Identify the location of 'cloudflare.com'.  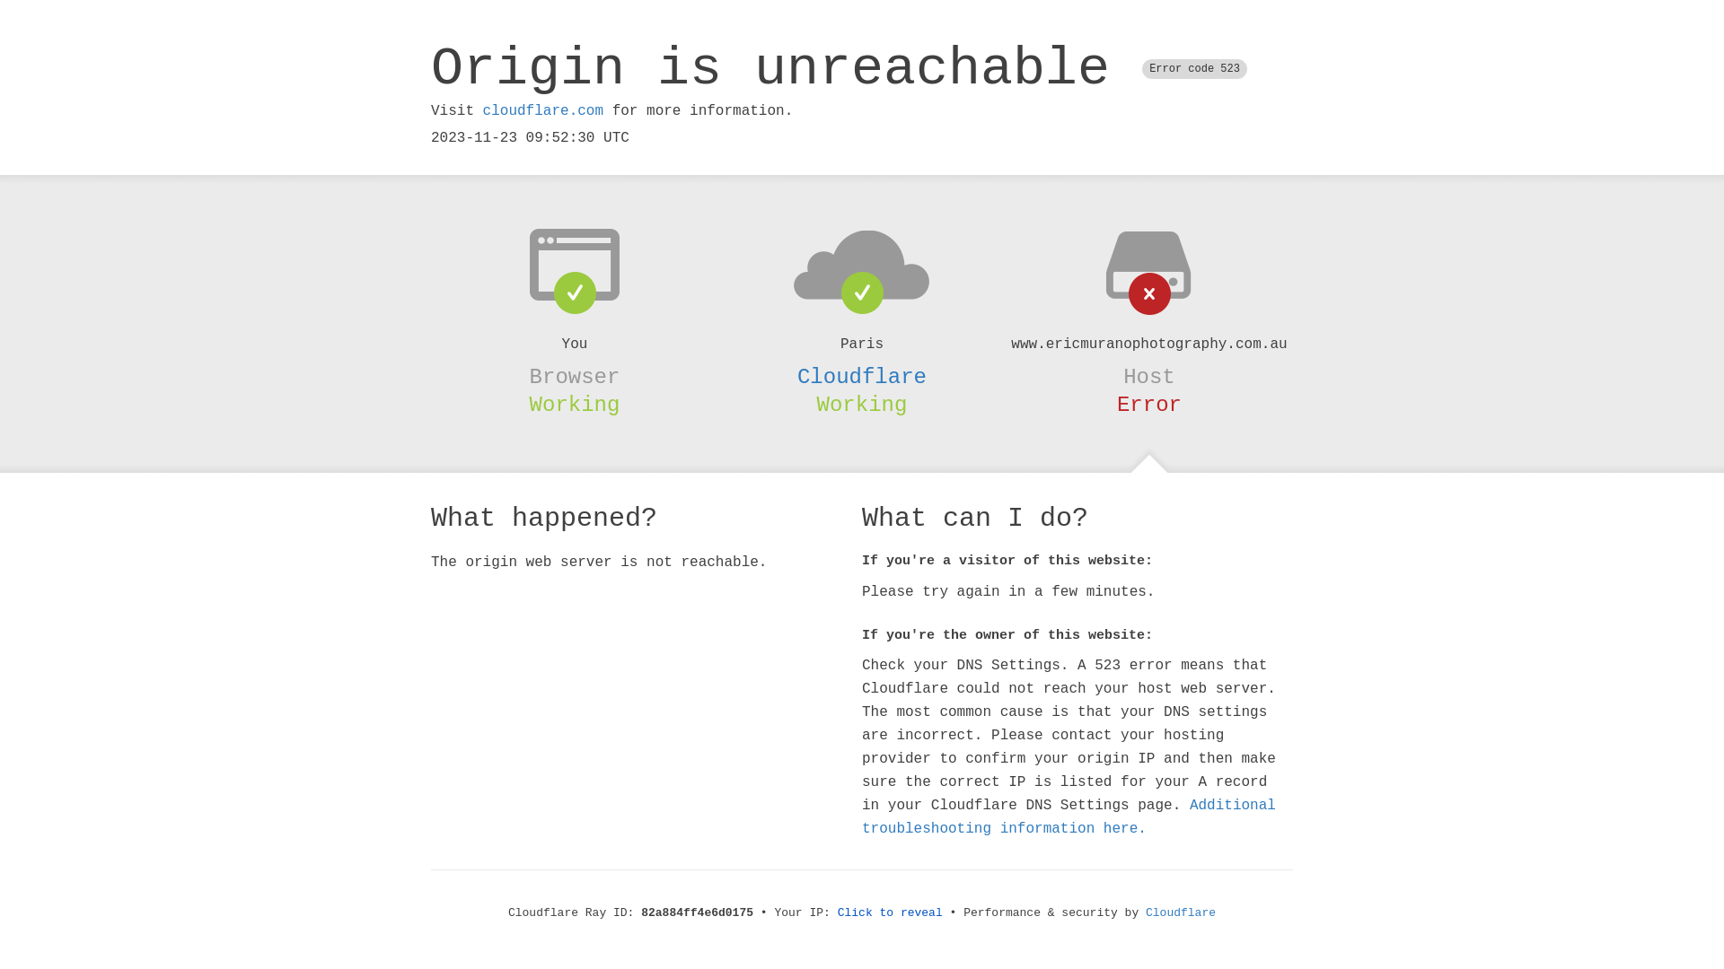
(541, 110).